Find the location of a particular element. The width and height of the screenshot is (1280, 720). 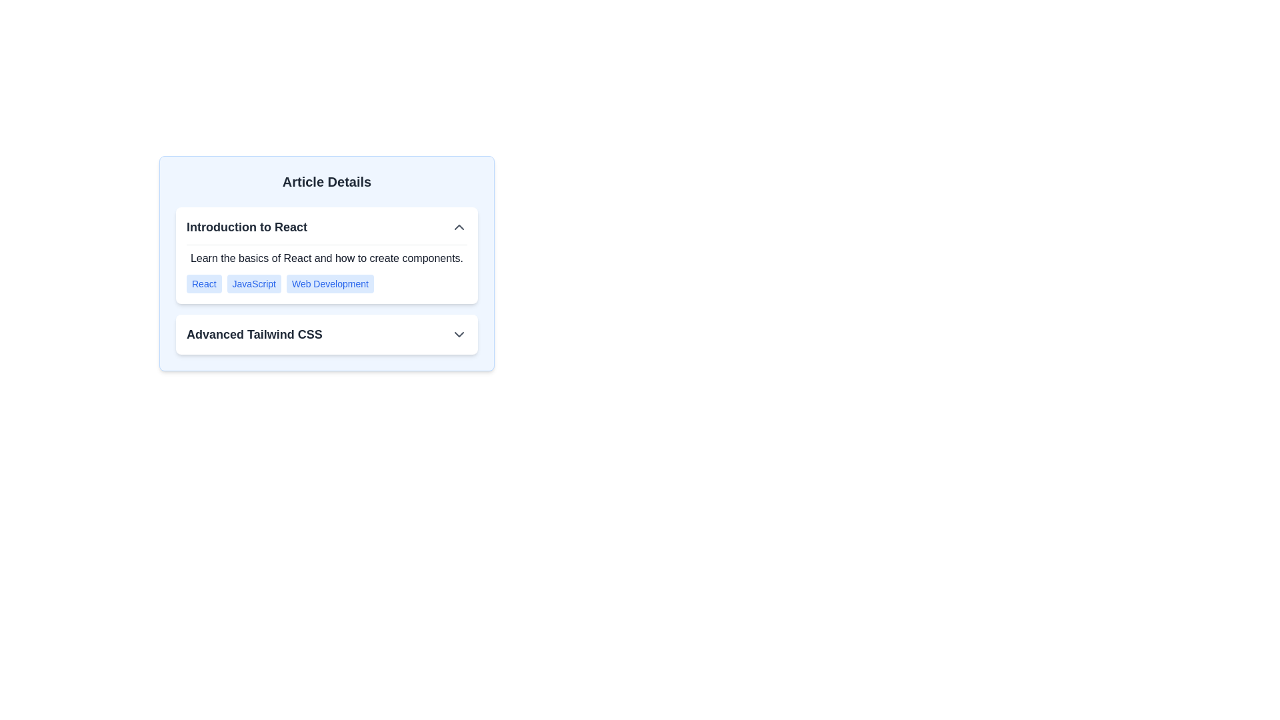

the first badge representing a related topic or keyword in the 'Introduction to React' section, which aids in categorizing or summarizing content is located at coordinates (203, 283).